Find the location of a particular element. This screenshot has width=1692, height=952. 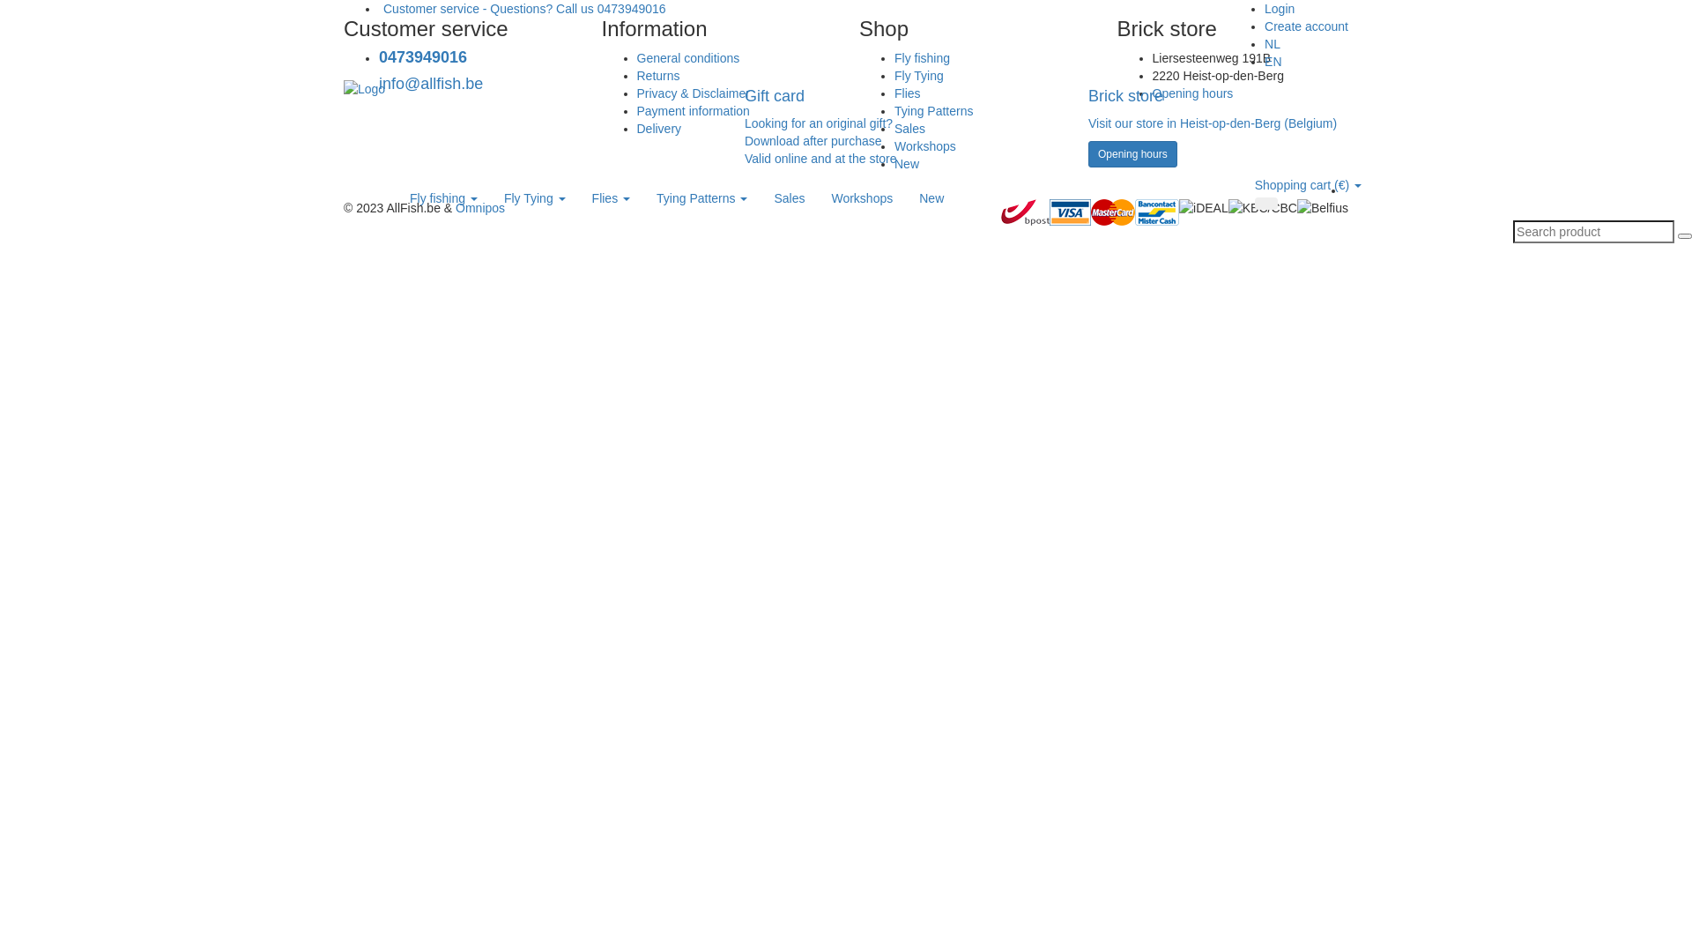

'Opening hours' is located at coordinates (1192, 93).